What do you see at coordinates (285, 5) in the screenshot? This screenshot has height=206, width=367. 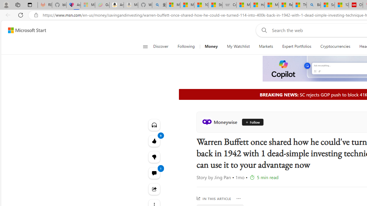 I see `'Recipes - MSN'` at bounding box center [285, 5].